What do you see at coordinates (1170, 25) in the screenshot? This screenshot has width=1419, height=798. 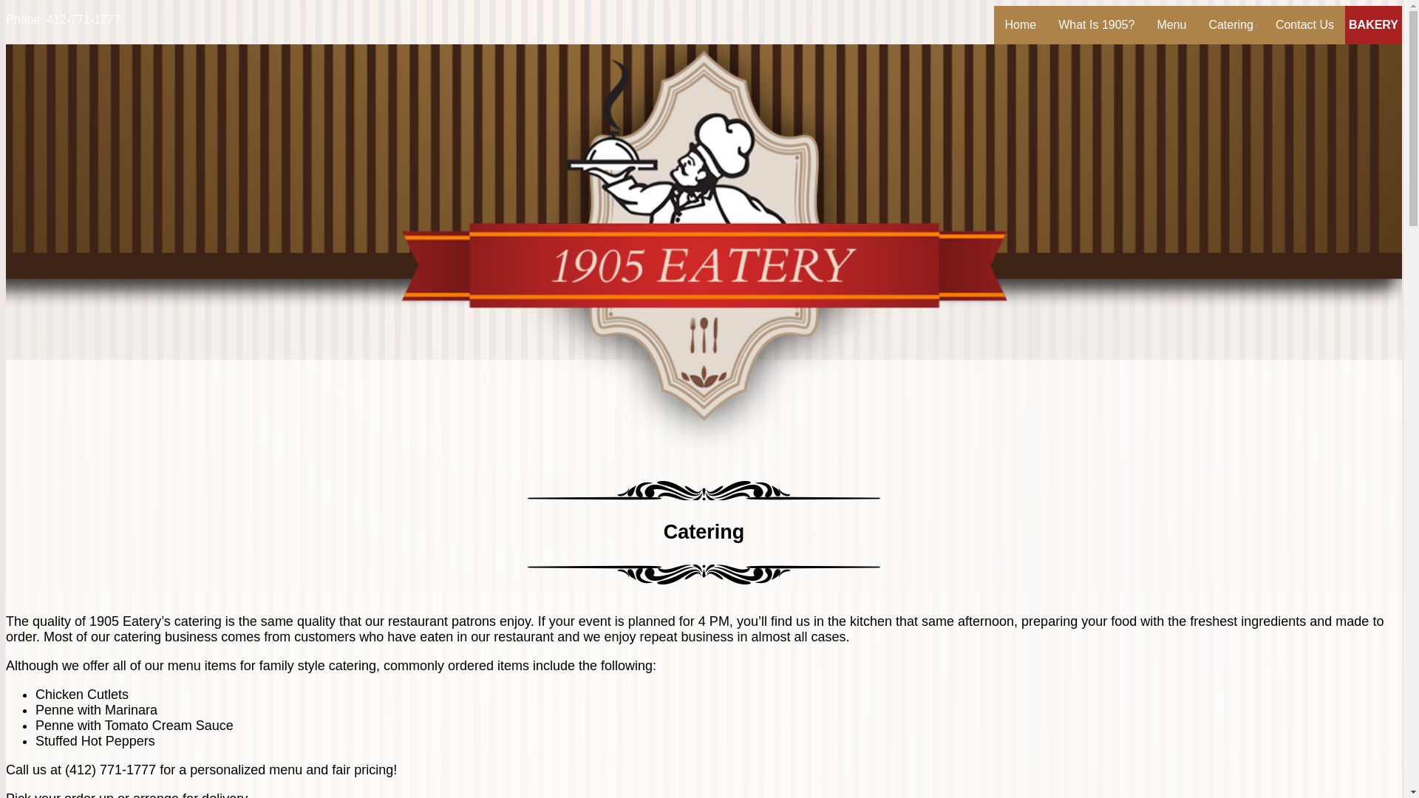 I see `'Menu'` at bounding box center [1170, 25].